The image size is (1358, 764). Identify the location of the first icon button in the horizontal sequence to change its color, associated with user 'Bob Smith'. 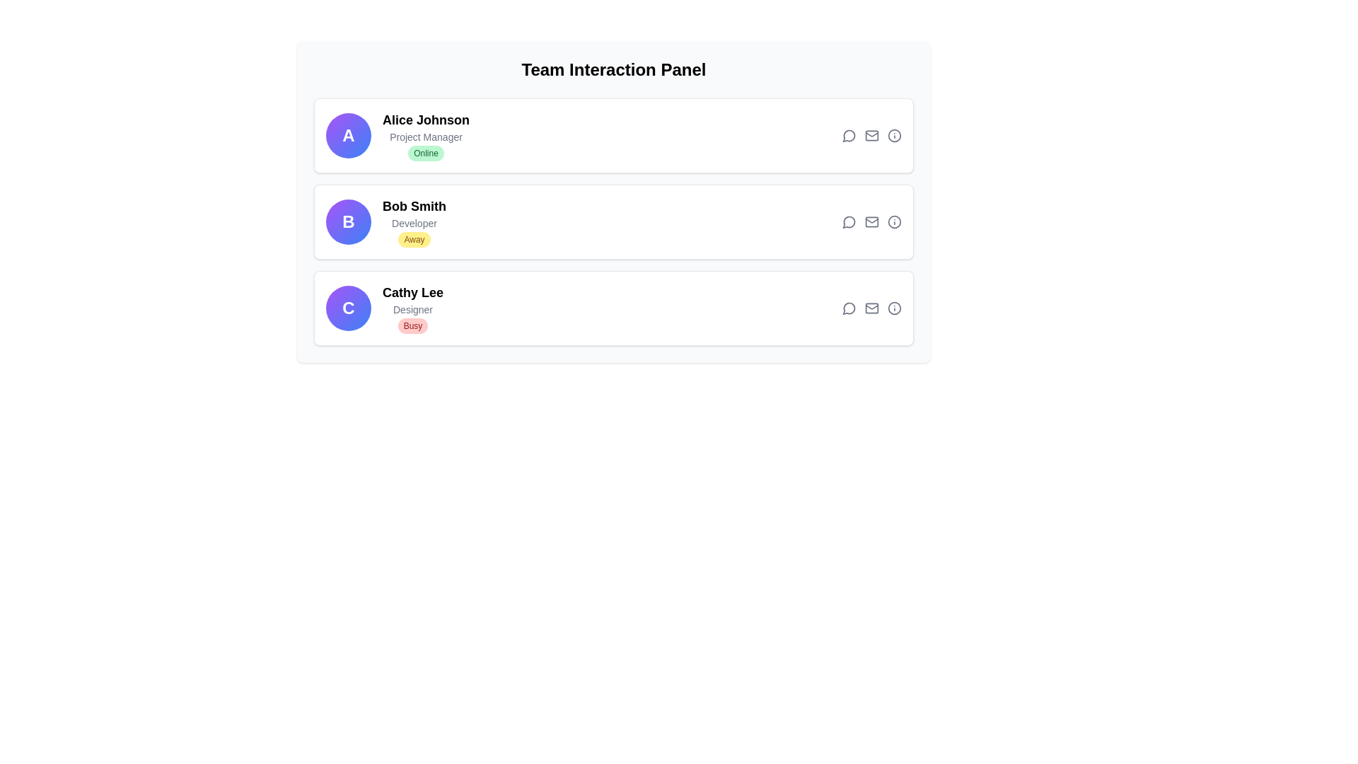
(849, 221).